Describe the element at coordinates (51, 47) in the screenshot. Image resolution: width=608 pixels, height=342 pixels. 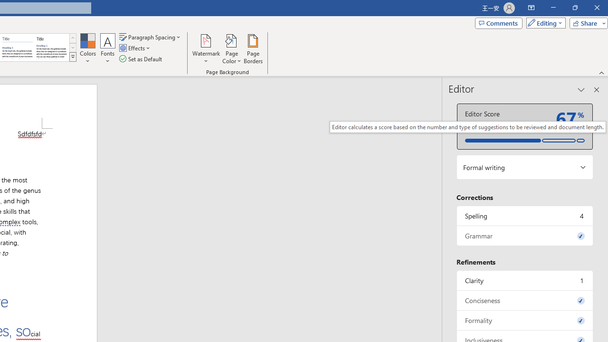
I see `'Word 2013'` at that location.